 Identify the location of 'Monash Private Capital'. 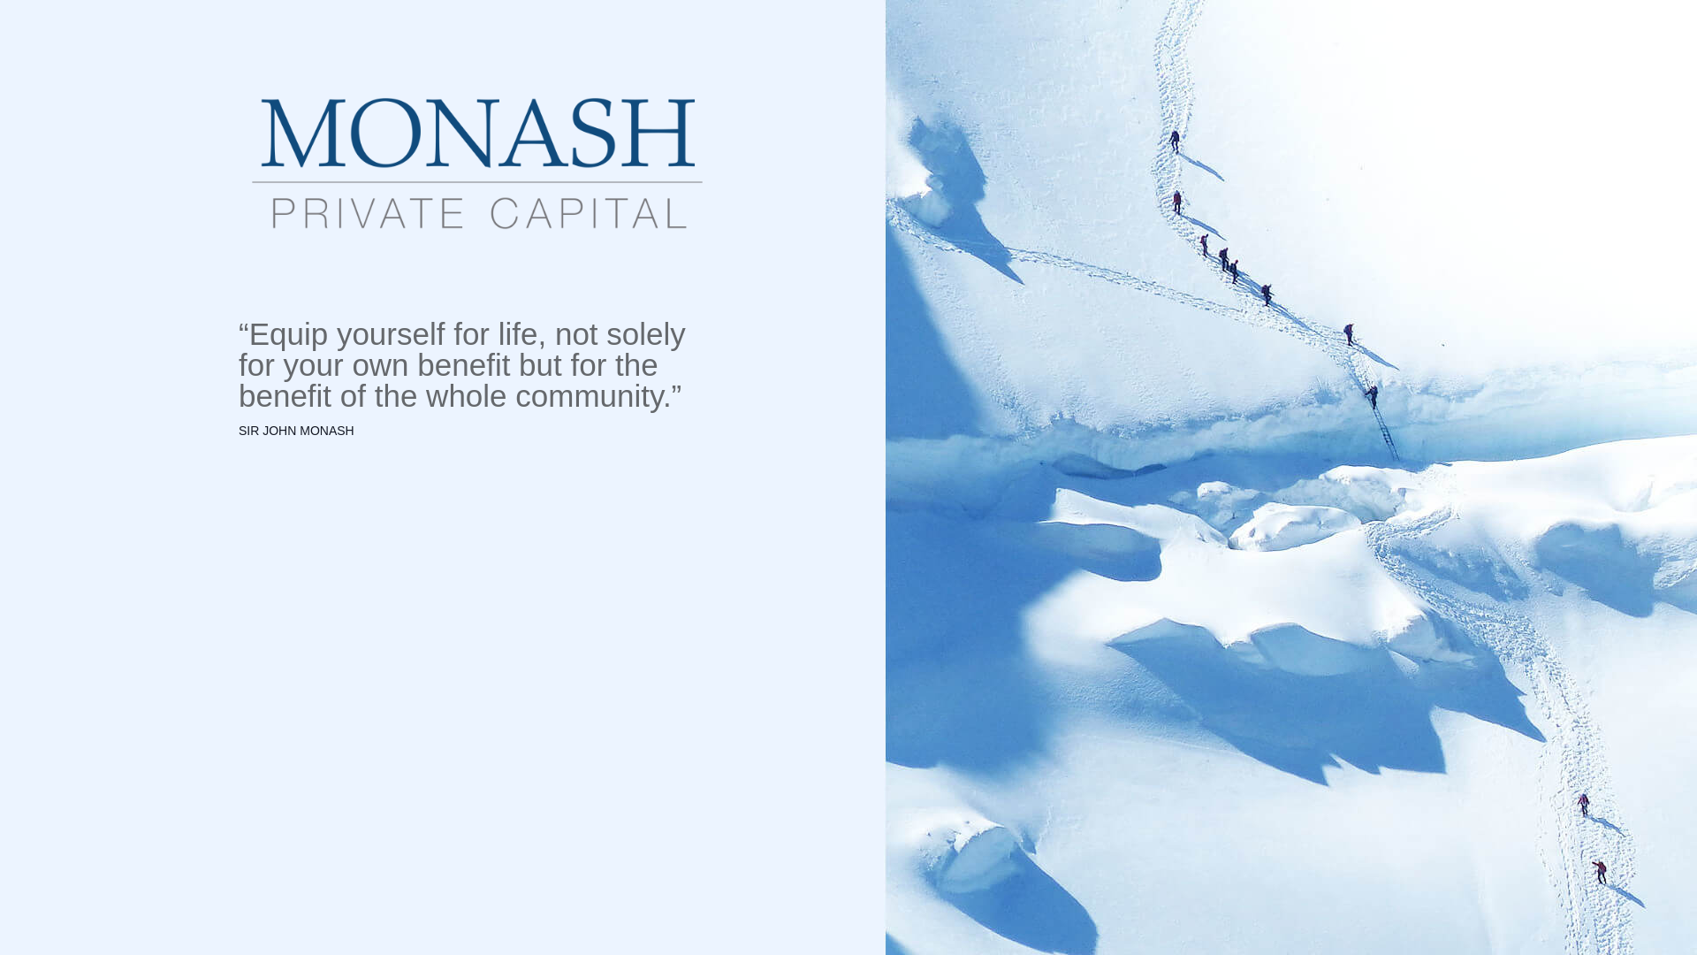
(477, 164).